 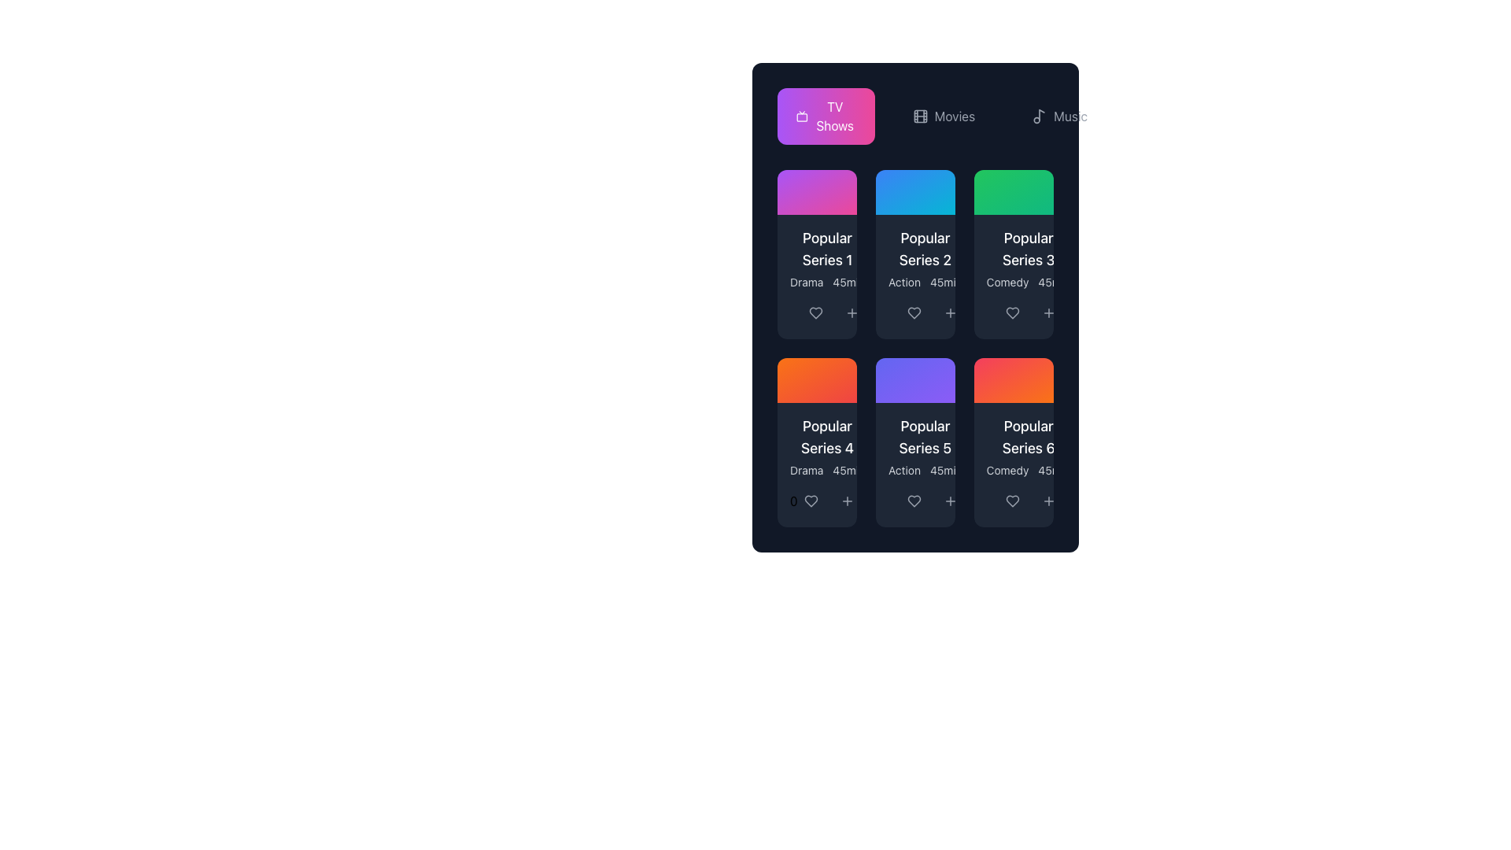 I want to click on the '+' button located at the bottom right corner of the 'Popular Series 4' card, so click(x=846, y=501).